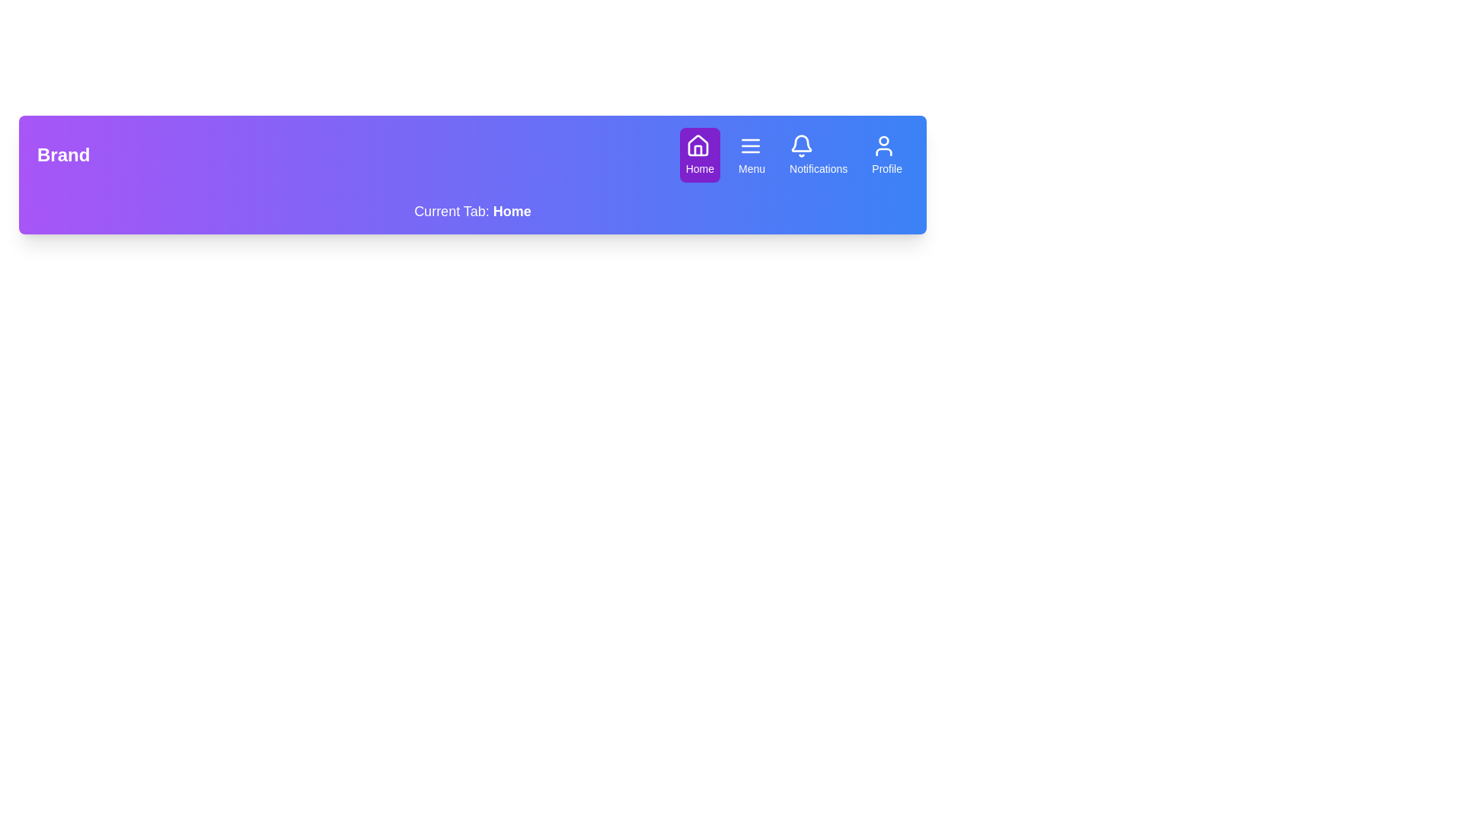 The image size is (1462, 822). I want to click on visually the decorative part of the notification bell icon, which is the third item from the left in the top navigation bar with a gradient purple and blue background, so click(801, 143).